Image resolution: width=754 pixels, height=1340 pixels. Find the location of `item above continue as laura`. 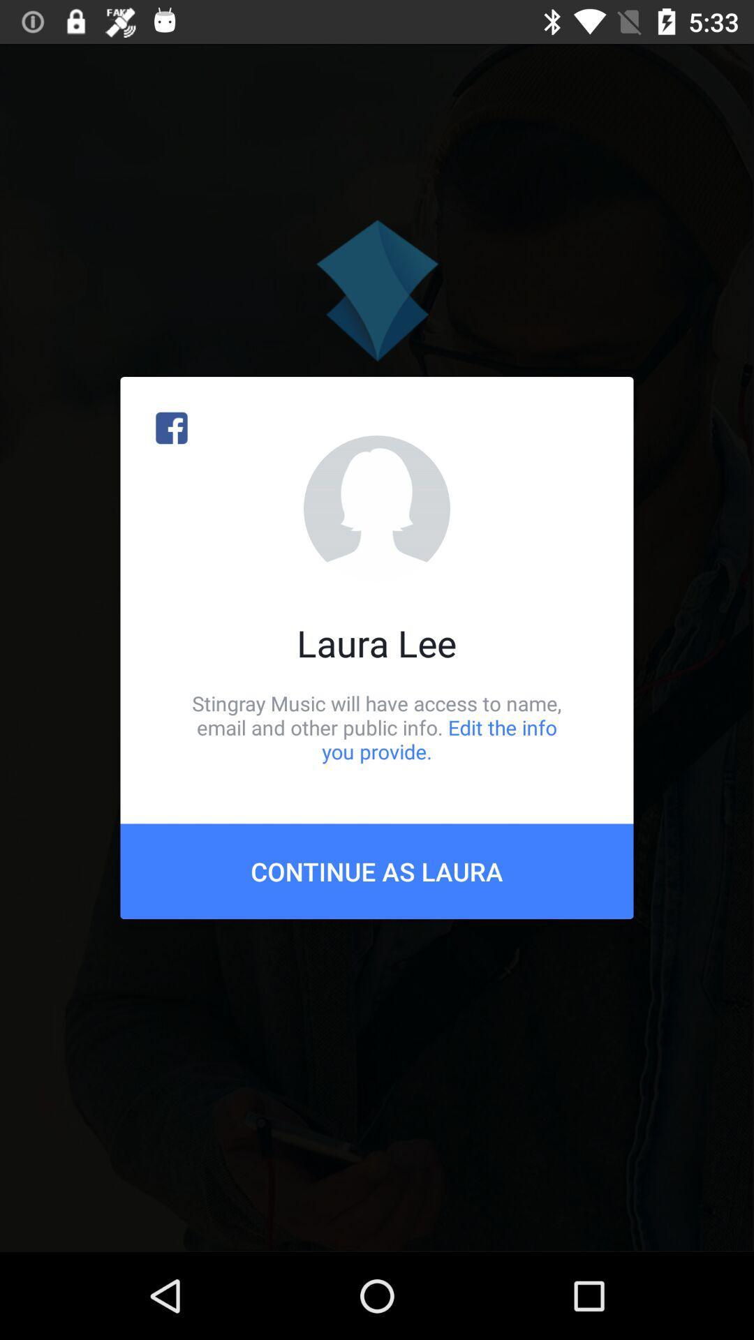

item above continue as laura is located at coordinates (377, 727).